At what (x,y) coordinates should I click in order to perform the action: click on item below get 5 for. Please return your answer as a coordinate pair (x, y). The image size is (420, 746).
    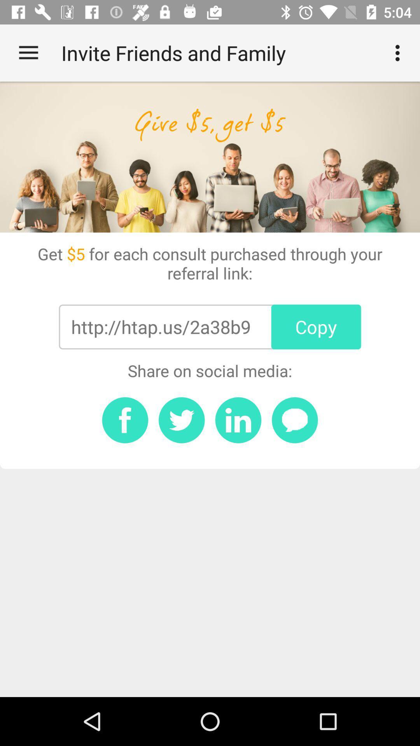
    Looking at the image, I should click on (316, 327).